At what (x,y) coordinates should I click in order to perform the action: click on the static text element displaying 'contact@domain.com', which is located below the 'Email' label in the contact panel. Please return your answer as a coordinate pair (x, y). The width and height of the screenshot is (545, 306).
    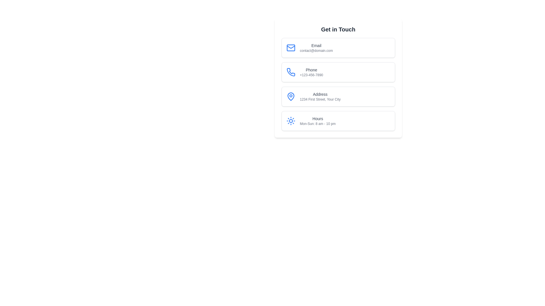
    Looking at the image, I should click on (316, 50).